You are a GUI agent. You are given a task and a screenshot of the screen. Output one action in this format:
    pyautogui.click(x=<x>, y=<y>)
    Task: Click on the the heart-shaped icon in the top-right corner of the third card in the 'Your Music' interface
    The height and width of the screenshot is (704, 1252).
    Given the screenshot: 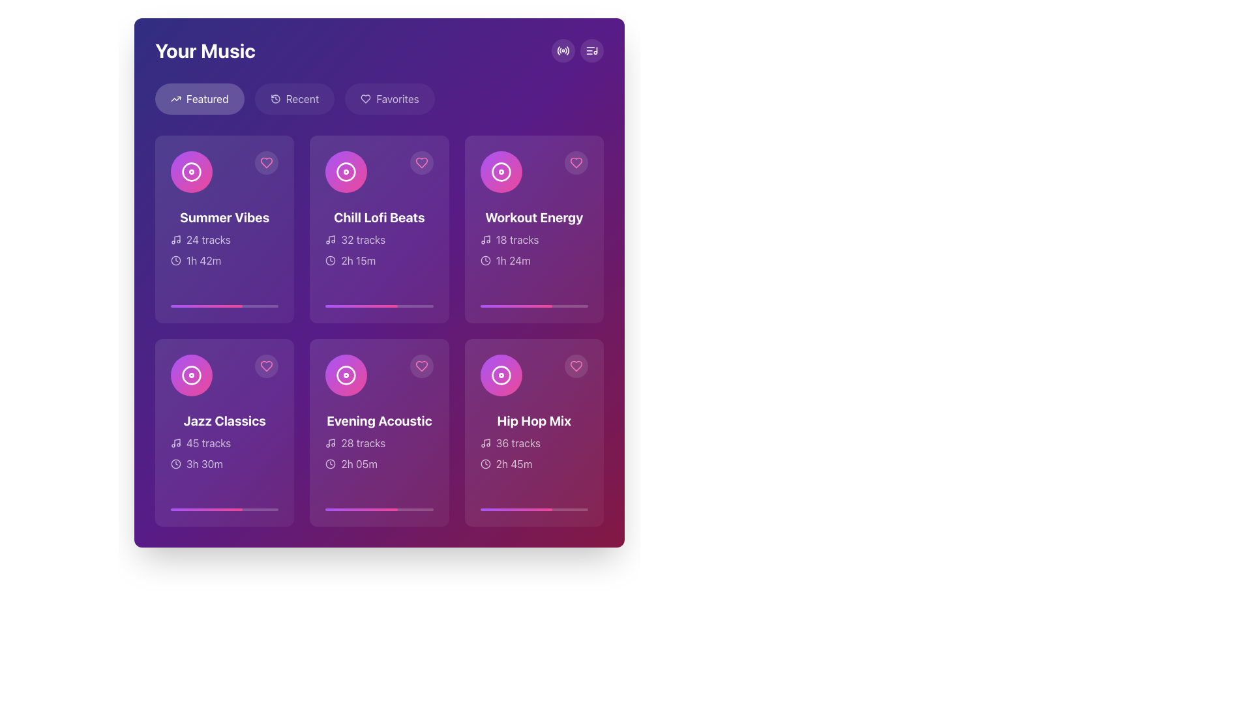 What is the action you would take?
    pyautogui.click(x=575, y=162)
    